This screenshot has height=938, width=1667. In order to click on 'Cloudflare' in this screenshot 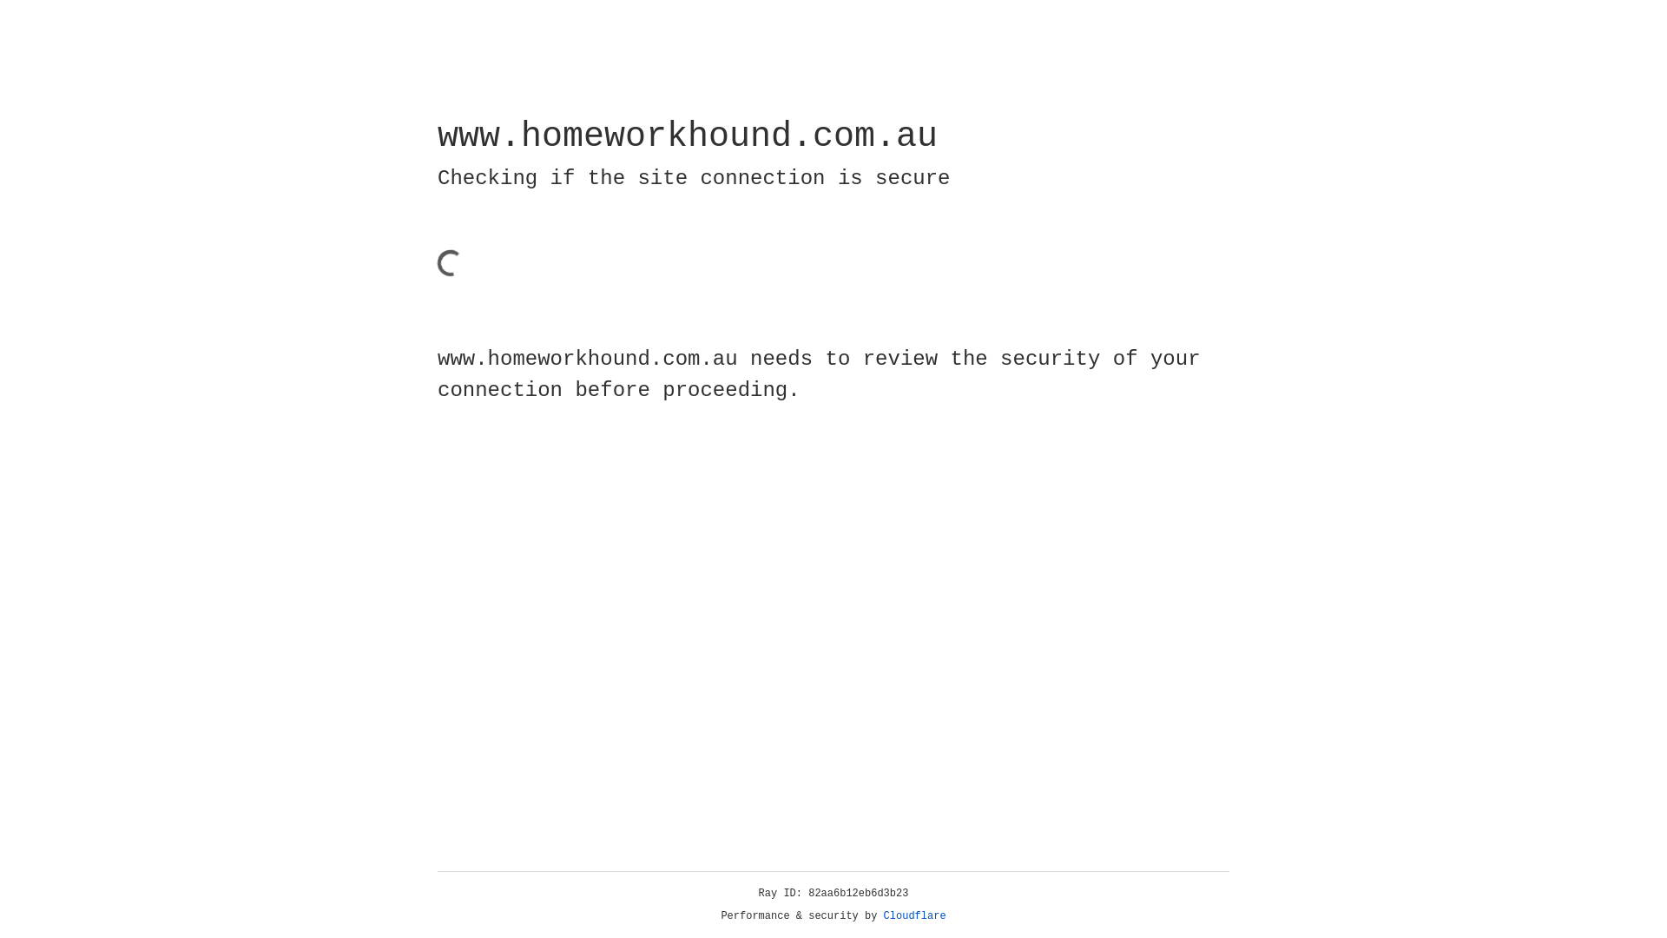, I will do `click(883, 915)`.